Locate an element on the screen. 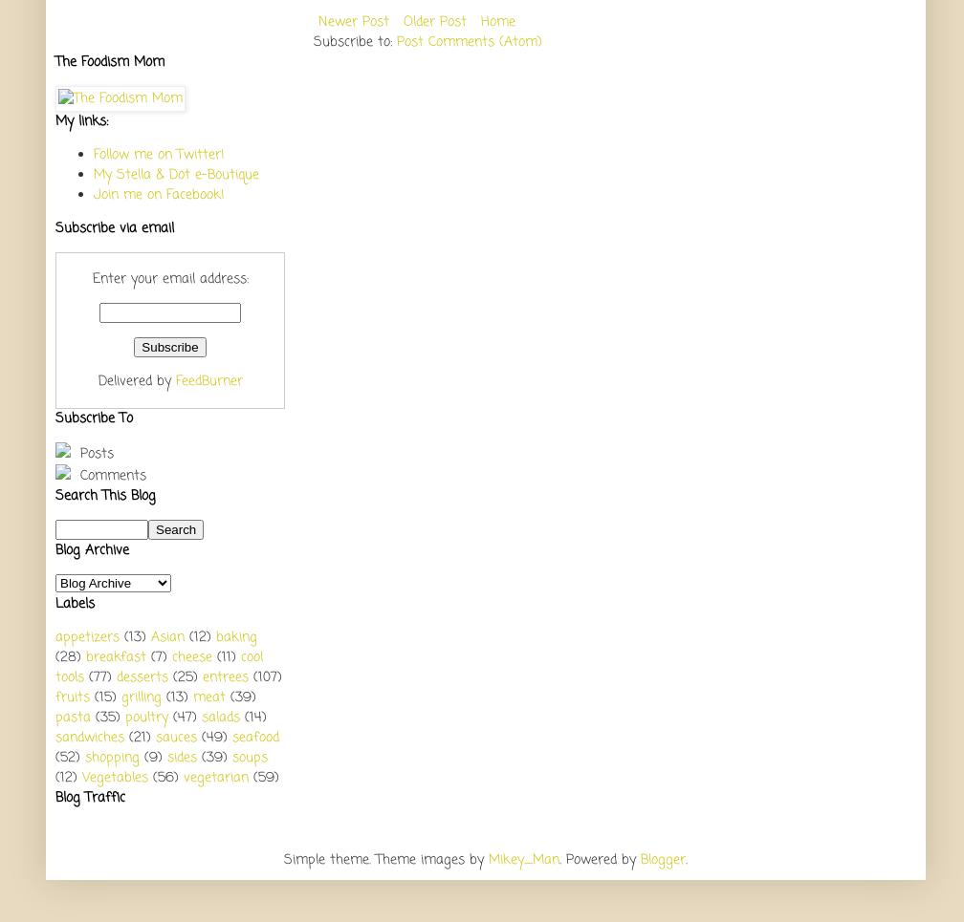 Image resolution: width=964 pixels, height=922 pixels. 'Simple theme. Theme images by' is located at coordinates (386, 858).